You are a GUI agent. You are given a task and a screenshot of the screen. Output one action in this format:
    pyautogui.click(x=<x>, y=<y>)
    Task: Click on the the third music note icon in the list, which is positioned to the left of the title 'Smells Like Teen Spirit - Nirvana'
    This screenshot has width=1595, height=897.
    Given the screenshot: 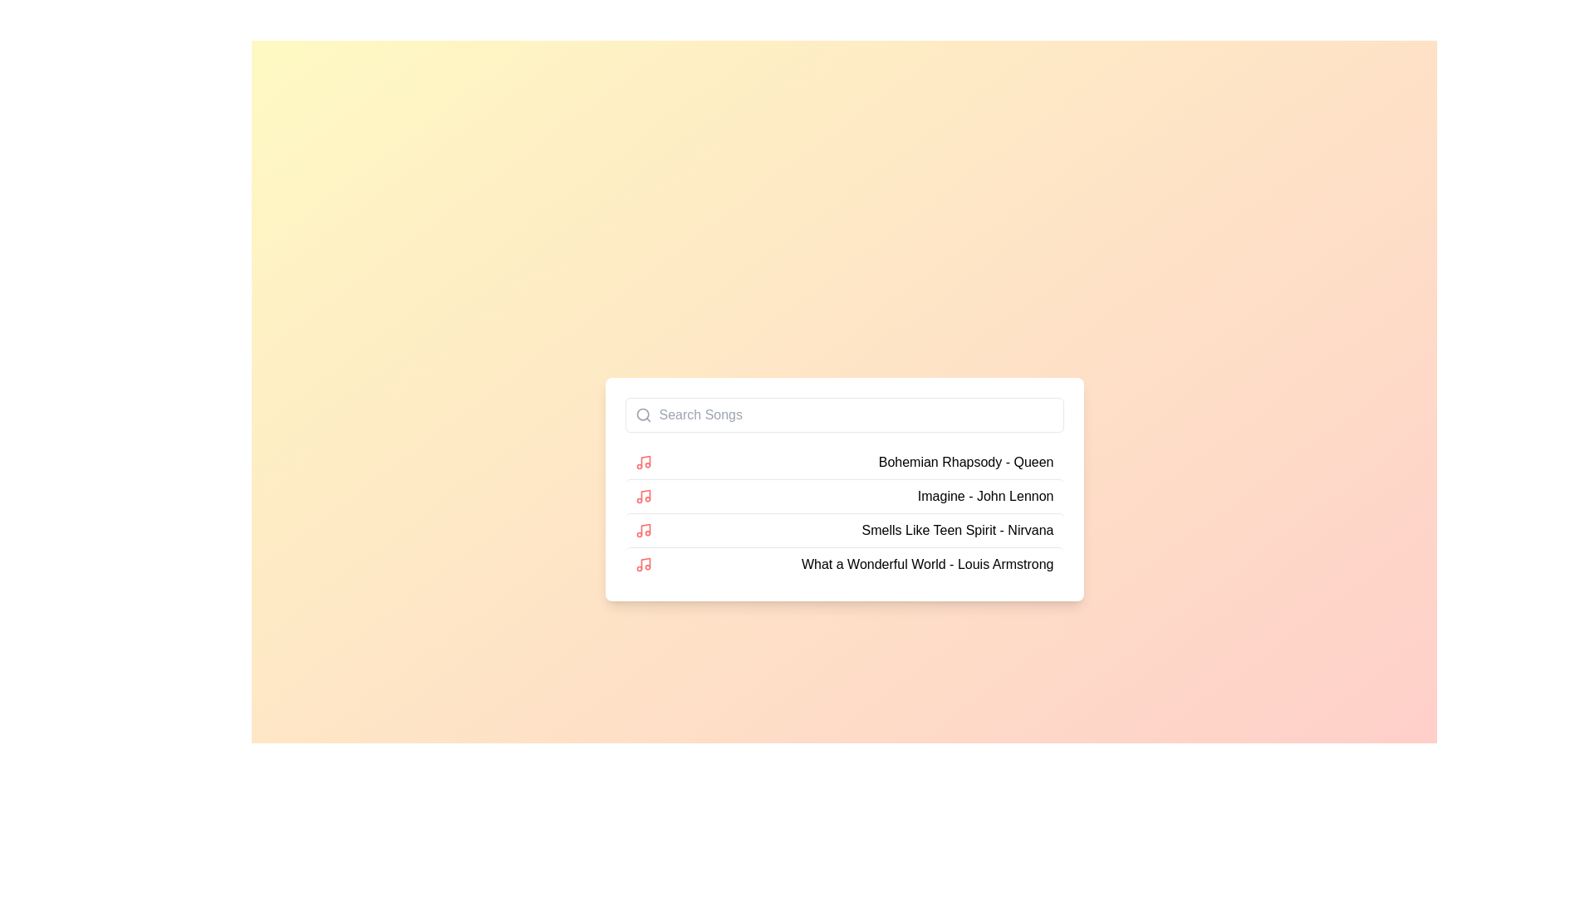 What is the action you would take?
    pyautogui.click(x=645, y=528)
    